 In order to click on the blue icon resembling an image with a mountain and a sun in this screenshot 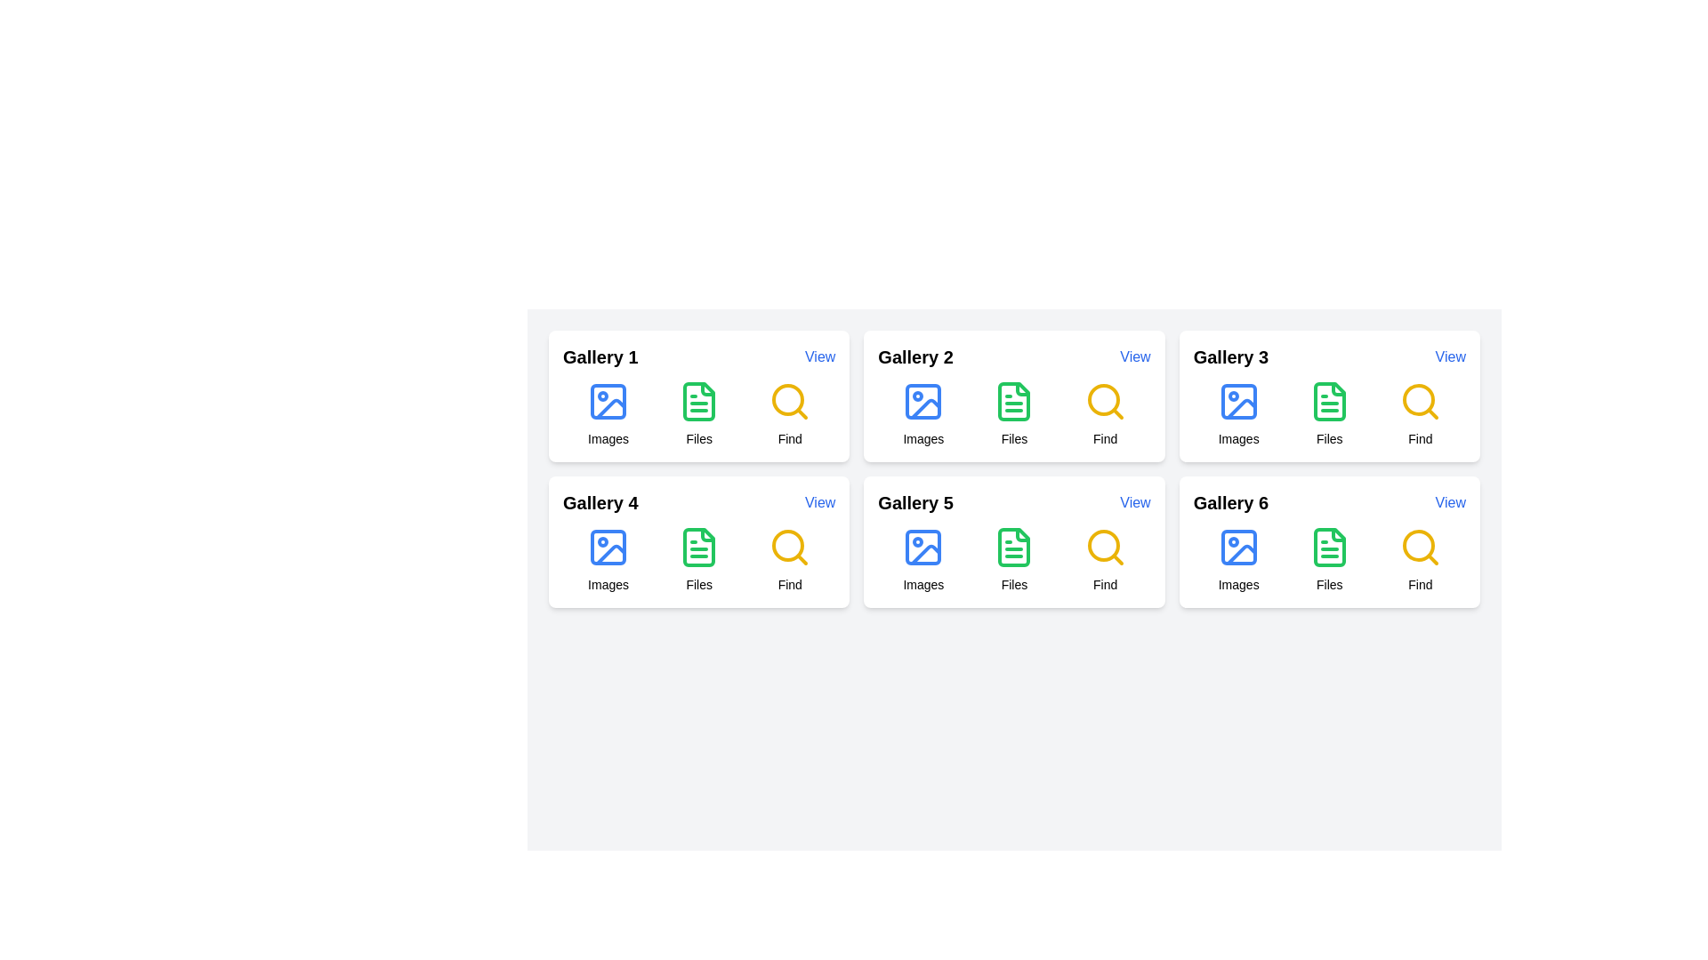, I will do `click(608, 401)`.